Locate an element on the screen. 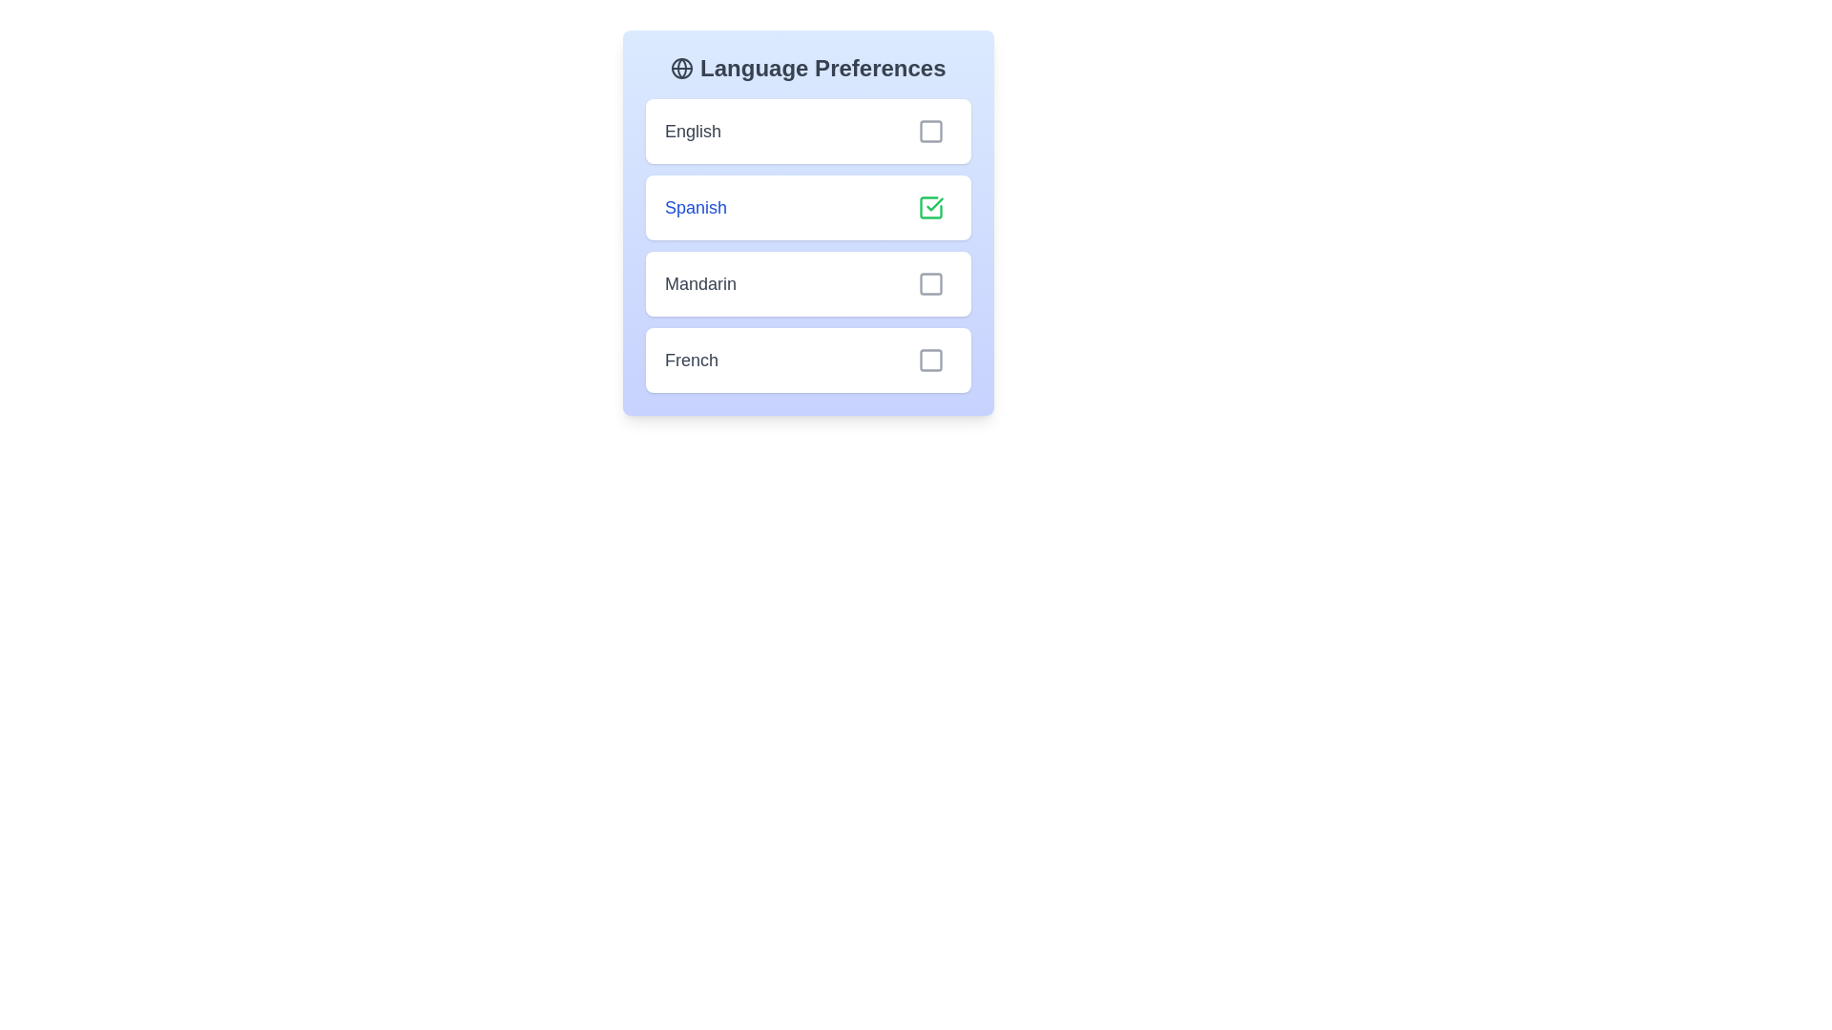 The height and width of the screenshot is (1030, 1832). the state of the green checkmark icon located to the right of the 'Spanish' label is located at coordinates (935, 204).